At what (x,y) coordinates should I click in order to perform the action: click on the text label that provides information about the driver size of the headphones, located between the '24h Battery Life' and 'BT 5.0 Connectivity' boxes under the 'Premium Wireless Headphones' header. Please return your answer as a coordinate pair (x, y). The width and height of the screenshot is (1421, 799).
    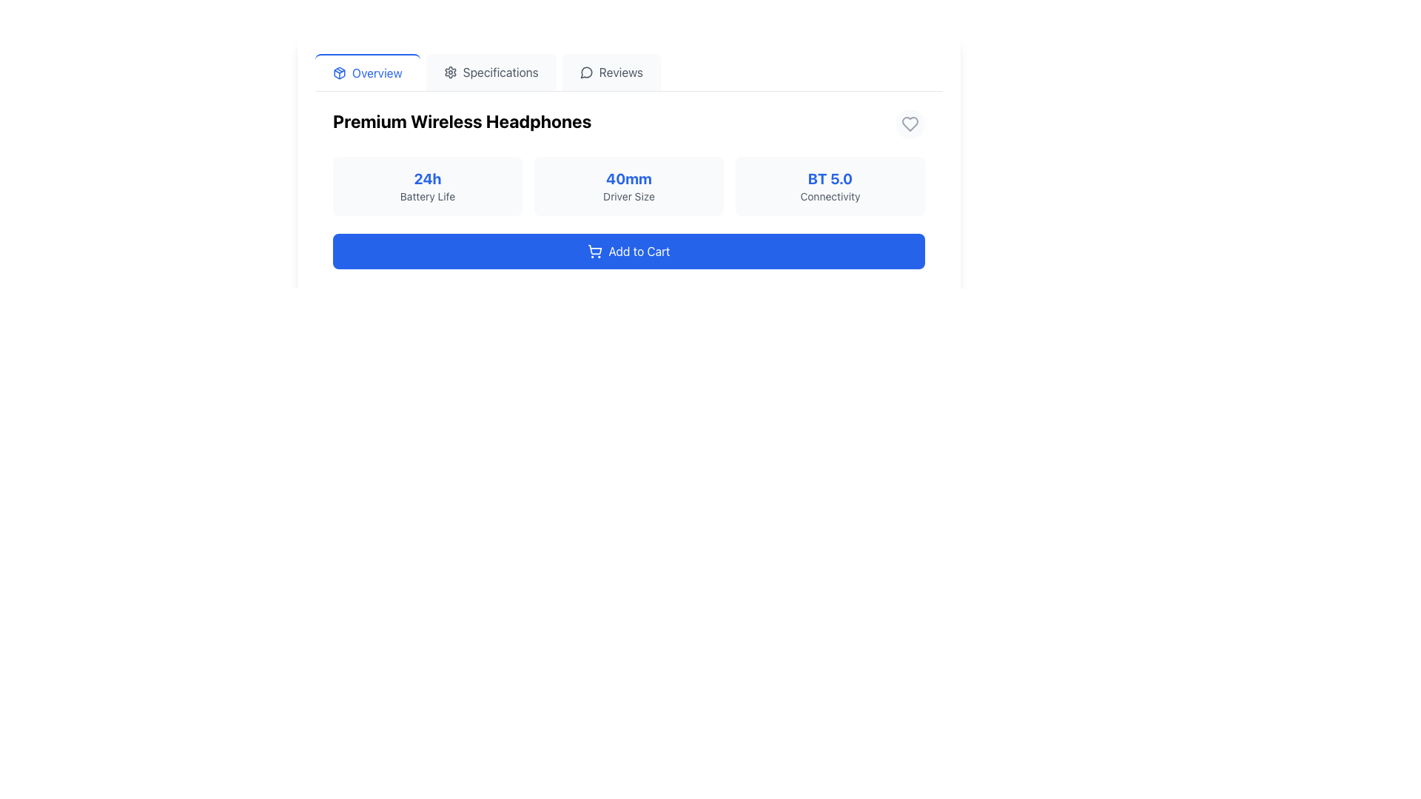
    Looking at the image, I should click on (628, 185).